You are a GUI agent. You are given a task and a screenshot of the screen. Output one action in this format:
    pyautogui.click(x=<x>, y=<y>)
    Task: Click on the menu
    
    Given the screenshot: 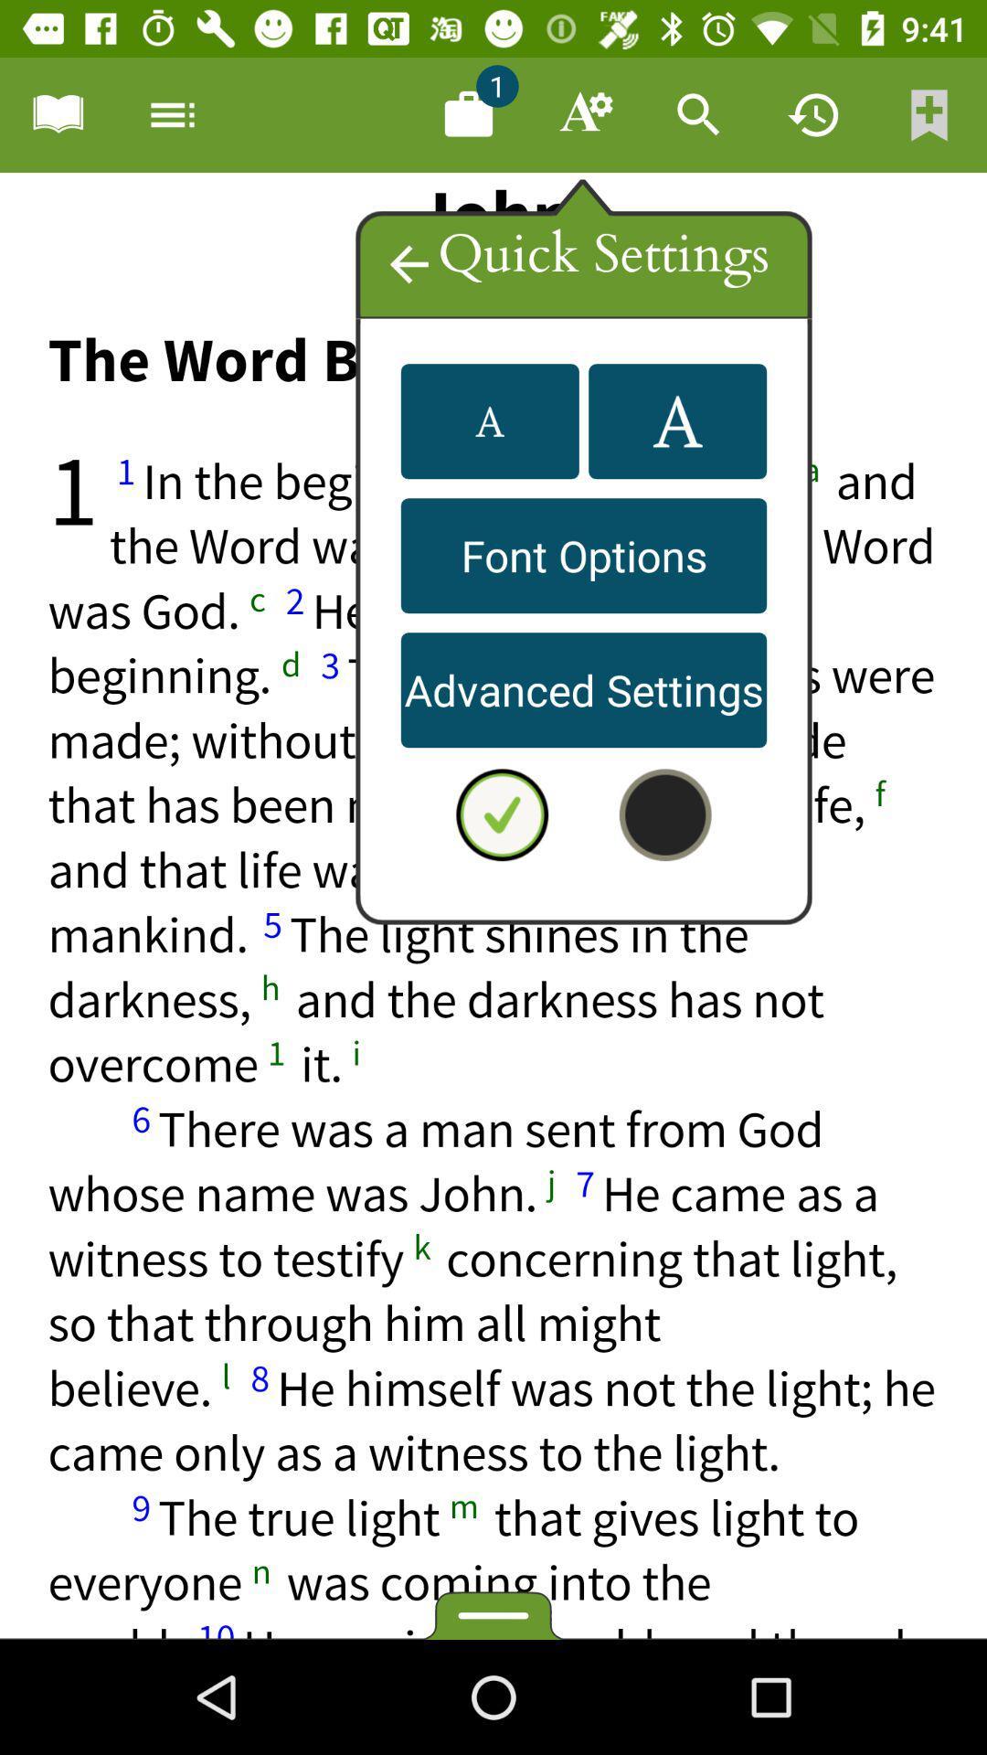 What is the action you would take?
    pyautogui.click(x=173, y=113)
    